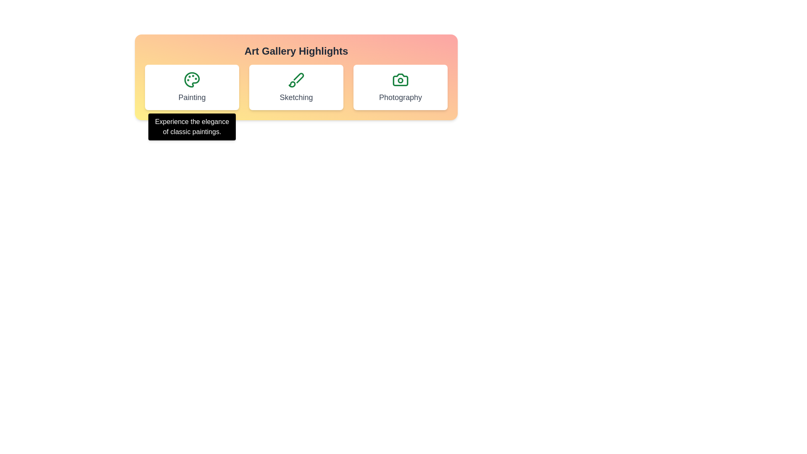 The width and height of the screenshot is (807, 454). Describe the element at coordinates (292, 84) in the screenshot. I see `the icon element shaped like a palette with a brush` at that location.